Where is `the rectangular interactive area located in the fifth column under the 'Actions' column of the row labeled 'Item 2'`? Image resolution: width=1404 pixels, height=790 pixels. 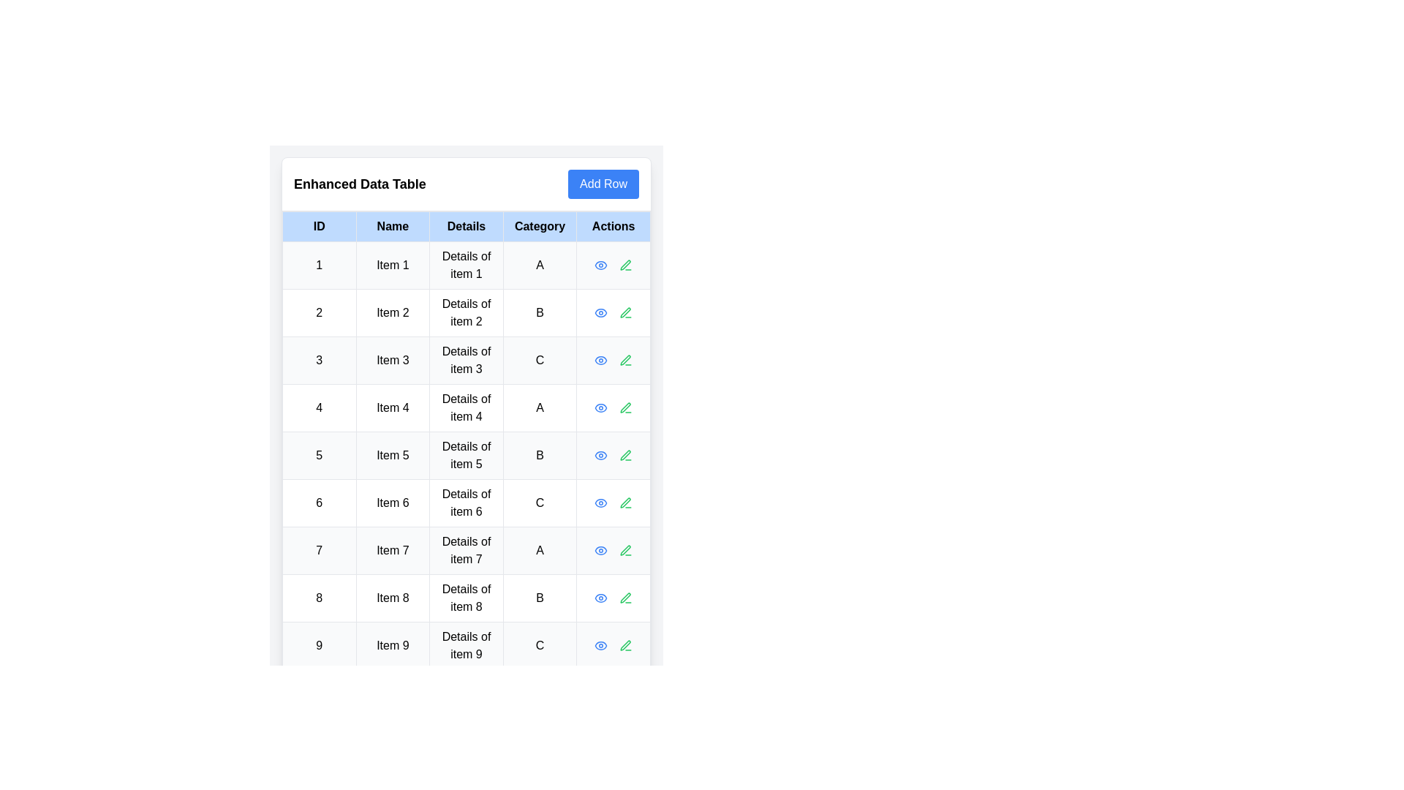
the rectangular interactive area located in the fifth column under the 'Actions' column of the row labeled 'Item 2' is located at coordinates (614, 312).